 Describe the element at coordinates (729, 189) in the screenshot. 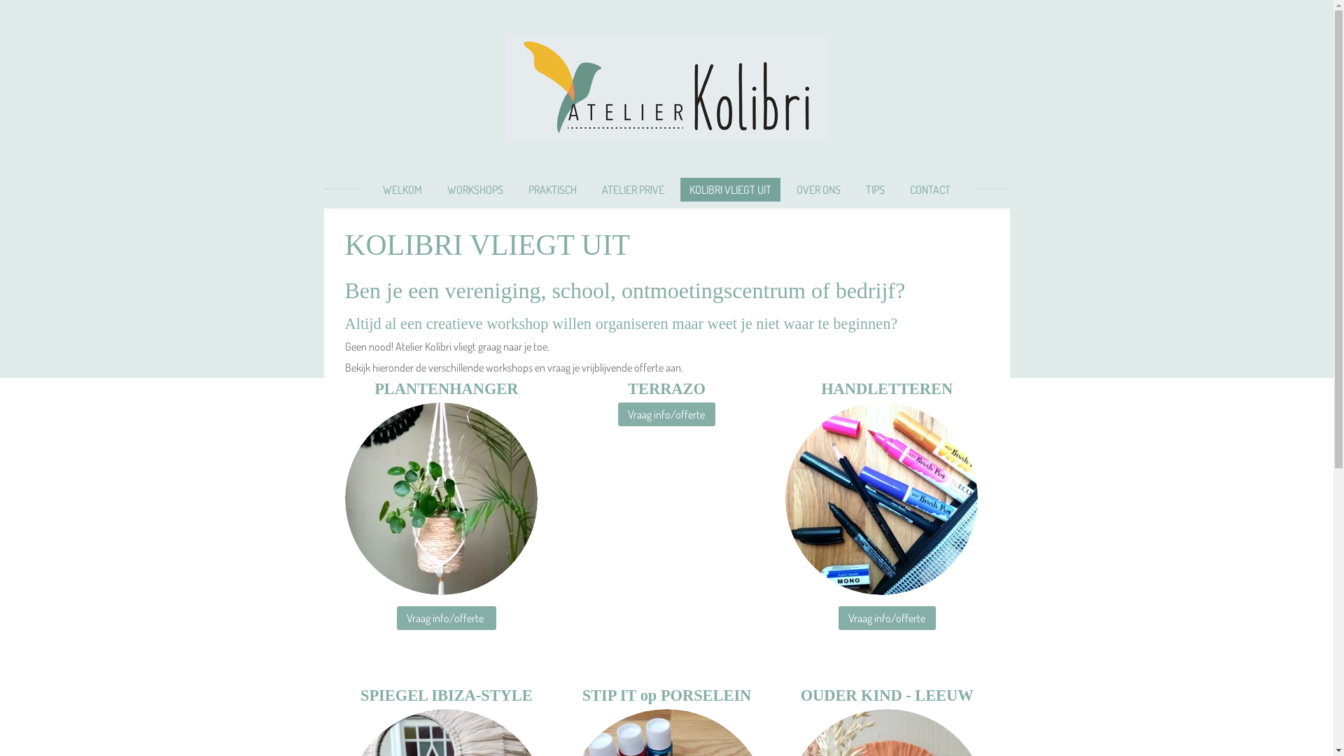

I see `'KOLIBRI VLIEGT UIT'` at that location.